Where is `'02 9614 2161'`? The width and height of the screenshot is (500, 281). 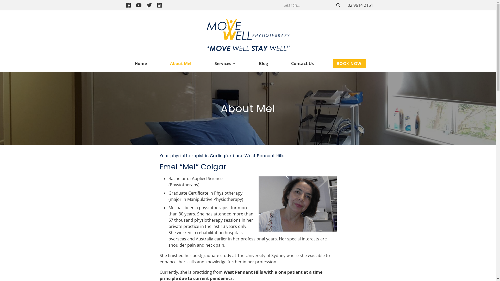
'02 9614 2161' is located at coordinates (360, 5).